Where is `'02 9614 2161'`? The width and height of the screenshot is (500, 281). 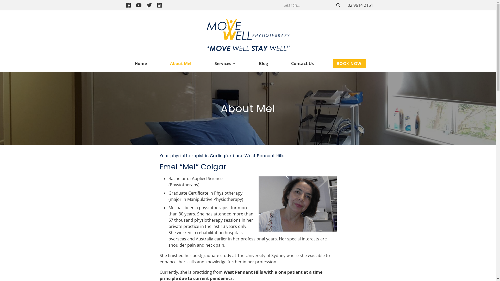
'02 9614 2161' is located at coordinates (360, 5).